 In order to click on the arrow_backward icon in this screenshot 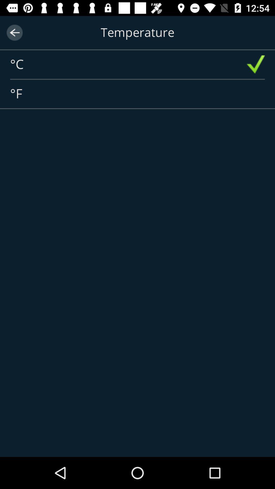, I will do `click(14, 32)`.